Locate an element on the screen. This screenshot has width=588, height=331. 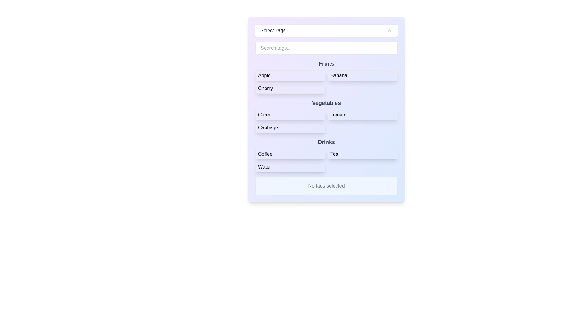
the section header labeled 'Drinks' which categorizes the items 'Coffee', 'Tea', and 'Water' below it, located on the right side of the interface is located at coordinates (326, 142).